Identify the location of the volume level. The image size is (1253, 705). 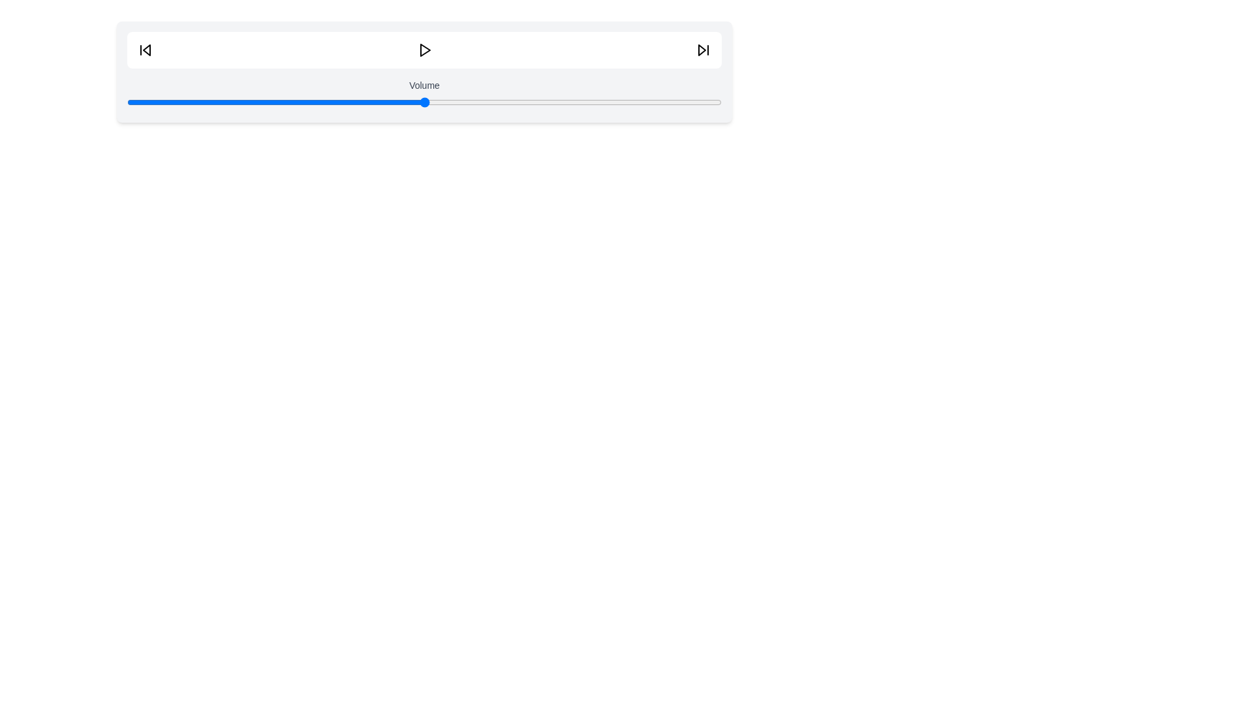
(584, 102).